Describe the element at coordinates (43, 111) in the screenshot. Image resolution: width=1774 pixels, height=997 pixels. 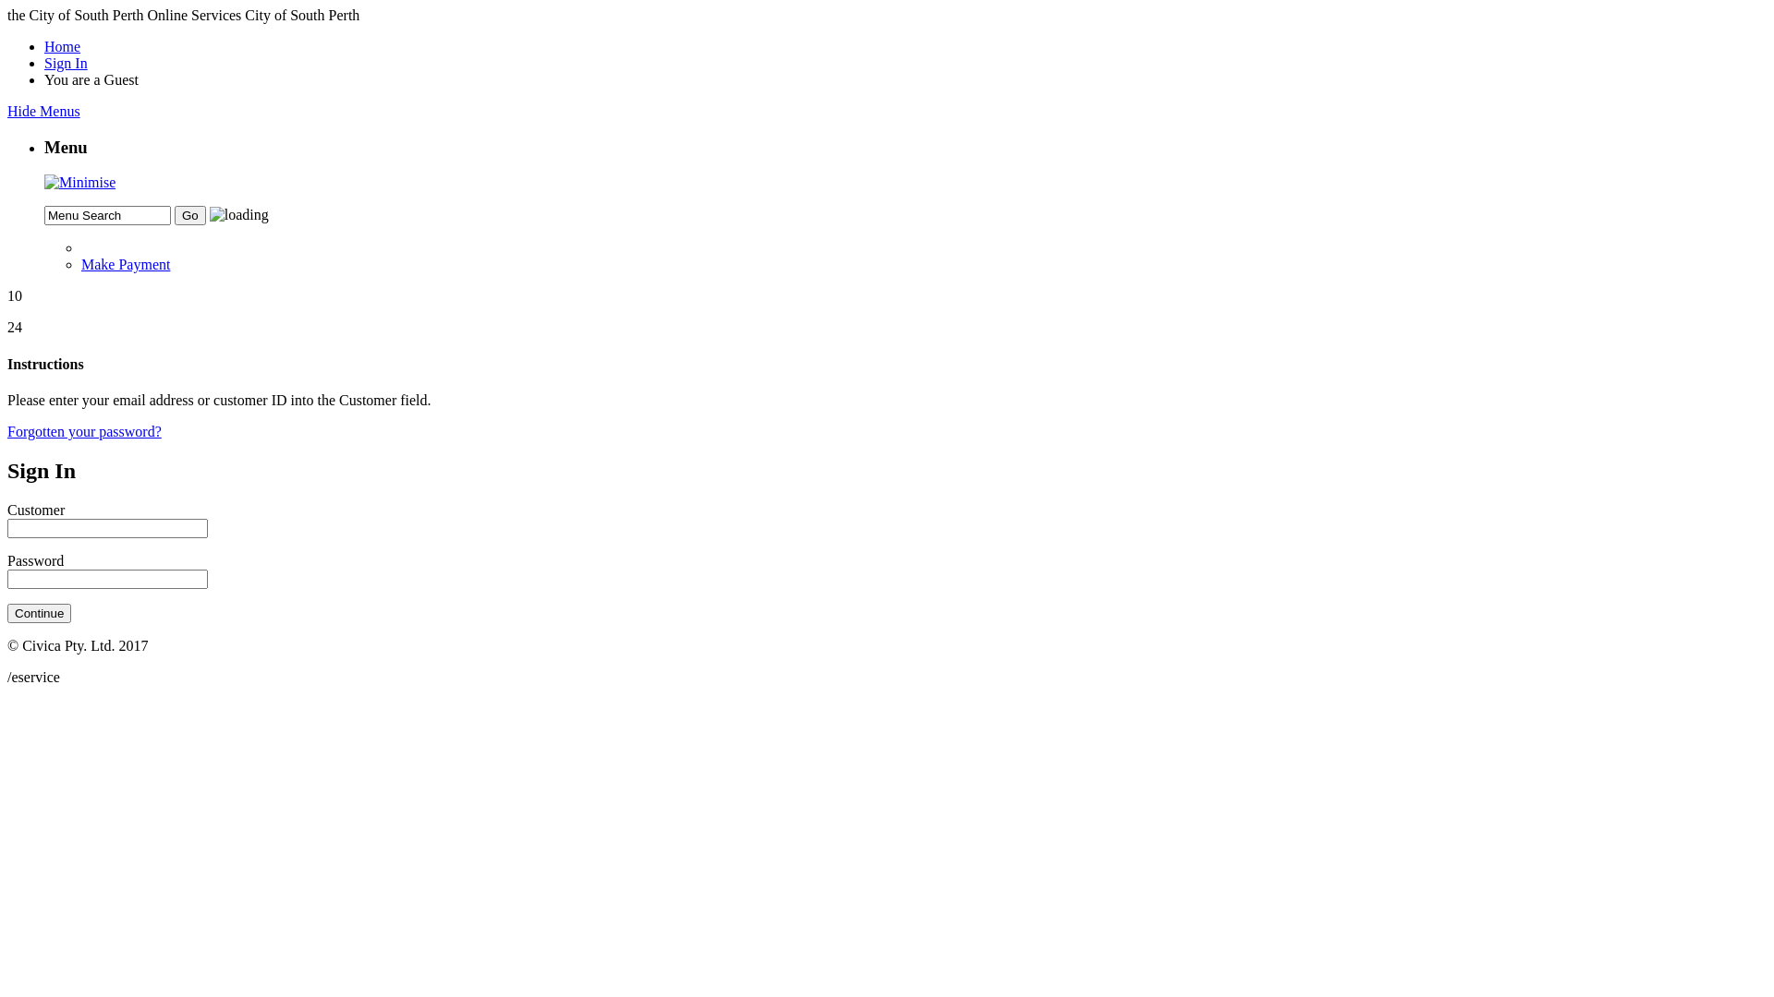
I see `'Hide Menus'` at that location.